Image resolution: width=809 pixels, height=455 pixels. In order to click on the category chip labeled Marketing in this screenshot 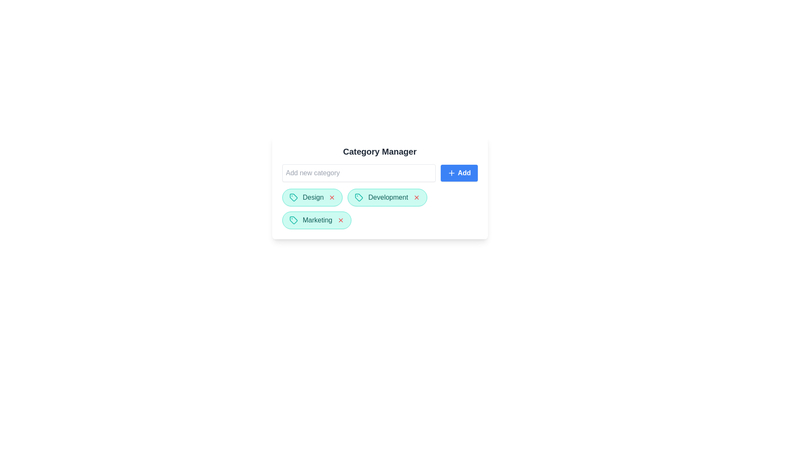, I will do `click(316, 220)`.